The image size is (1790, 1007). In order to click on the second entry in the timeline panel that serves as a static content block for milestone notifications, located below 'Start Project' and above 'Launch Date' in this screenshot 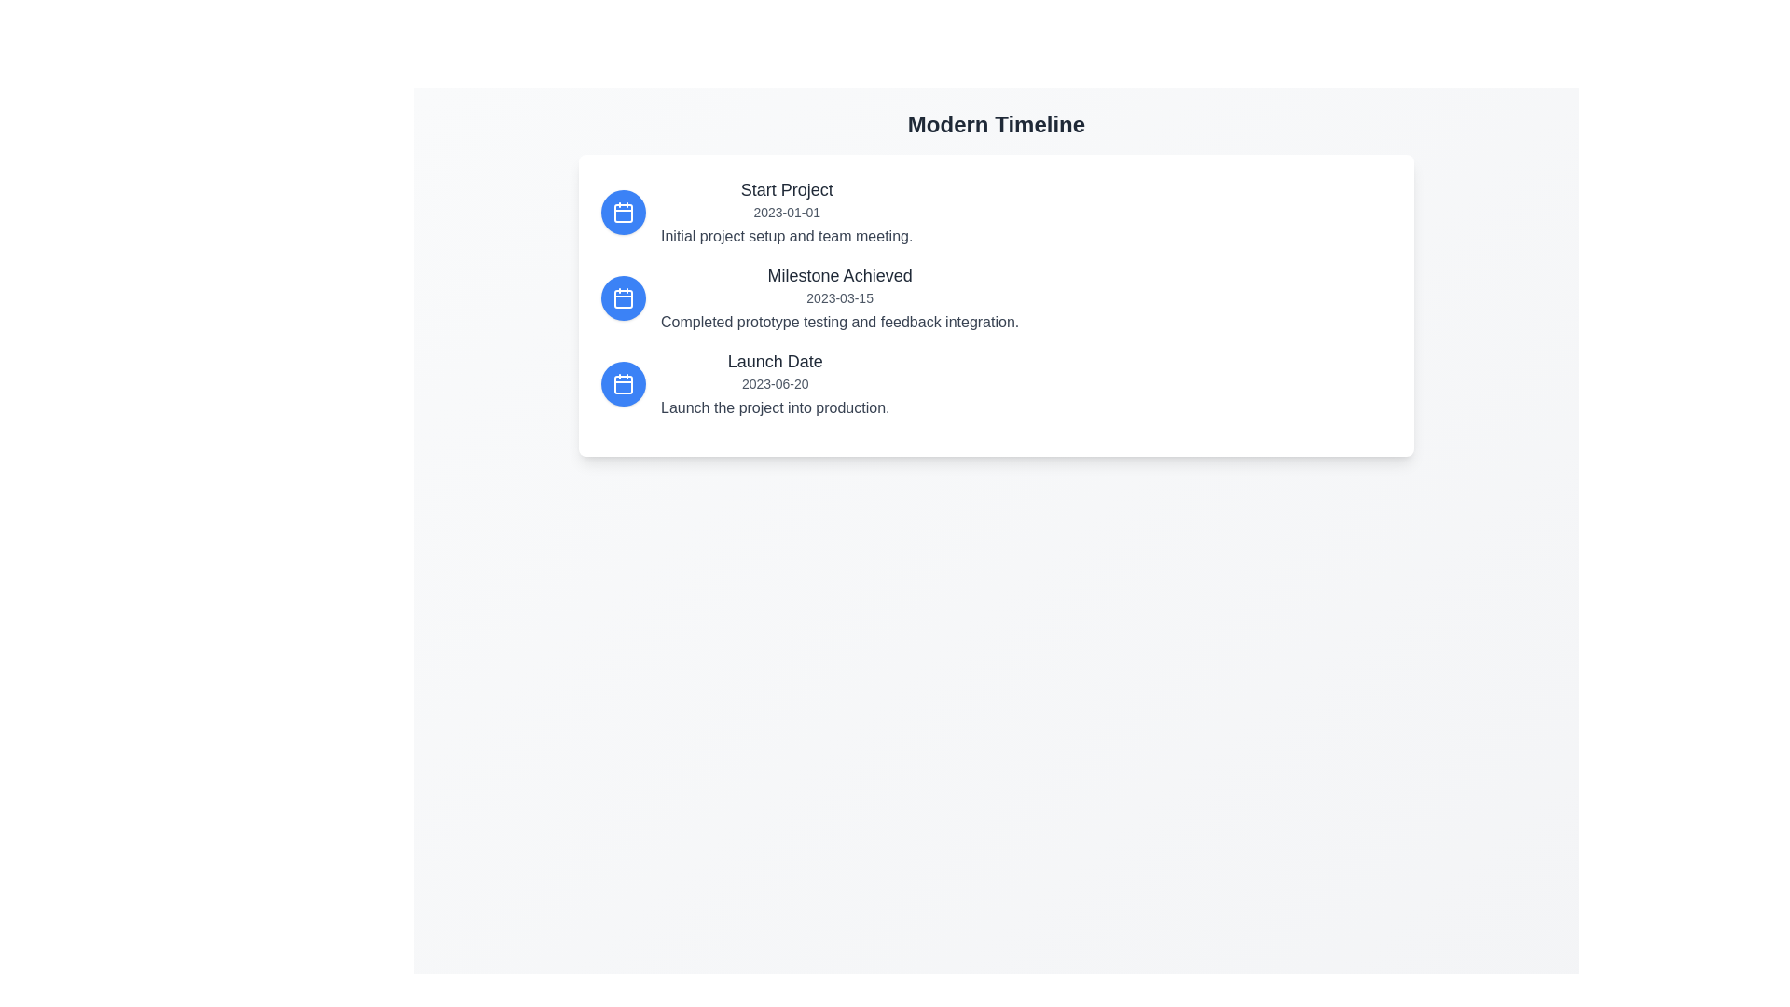, I will do `click(996, 297)`.